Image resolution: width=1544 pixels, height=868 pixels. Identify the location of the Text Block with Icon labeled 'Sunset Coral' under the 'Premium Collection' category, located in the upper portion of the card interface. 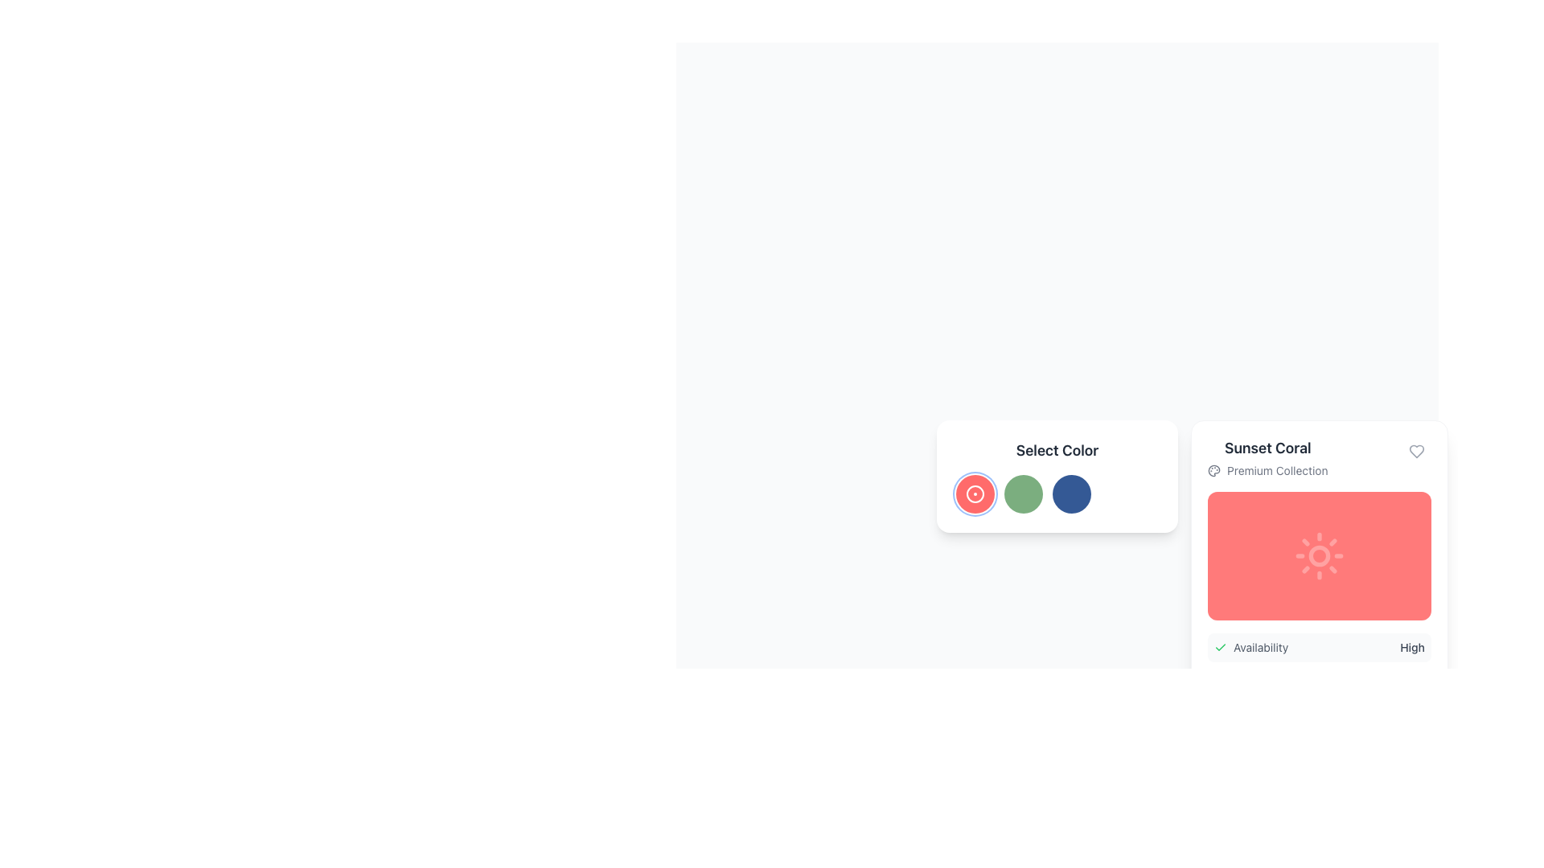
(1267, 458).